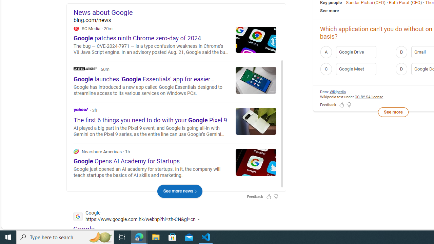 The width and height of the screenshot is (434, 244). Describe the element at coordinates (85, 68) in the screenshot. I see `'Android Authority'` at that location.